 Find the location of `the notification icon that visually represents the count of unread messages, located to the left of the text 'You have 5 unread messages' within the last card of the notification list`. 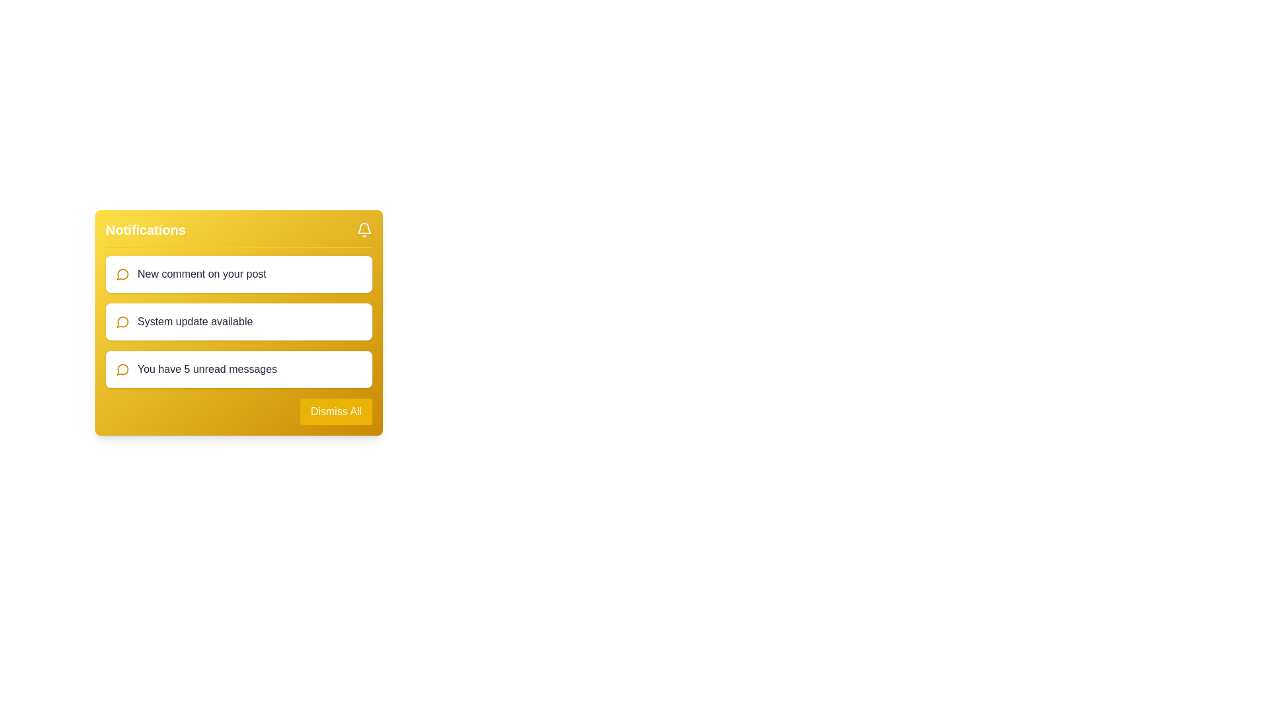

the notification icon that visually represents the count of unread messages, located to the left of the text 'You have 5 unread messages' within the last card of the notification list is located at coordinates (123, 370).